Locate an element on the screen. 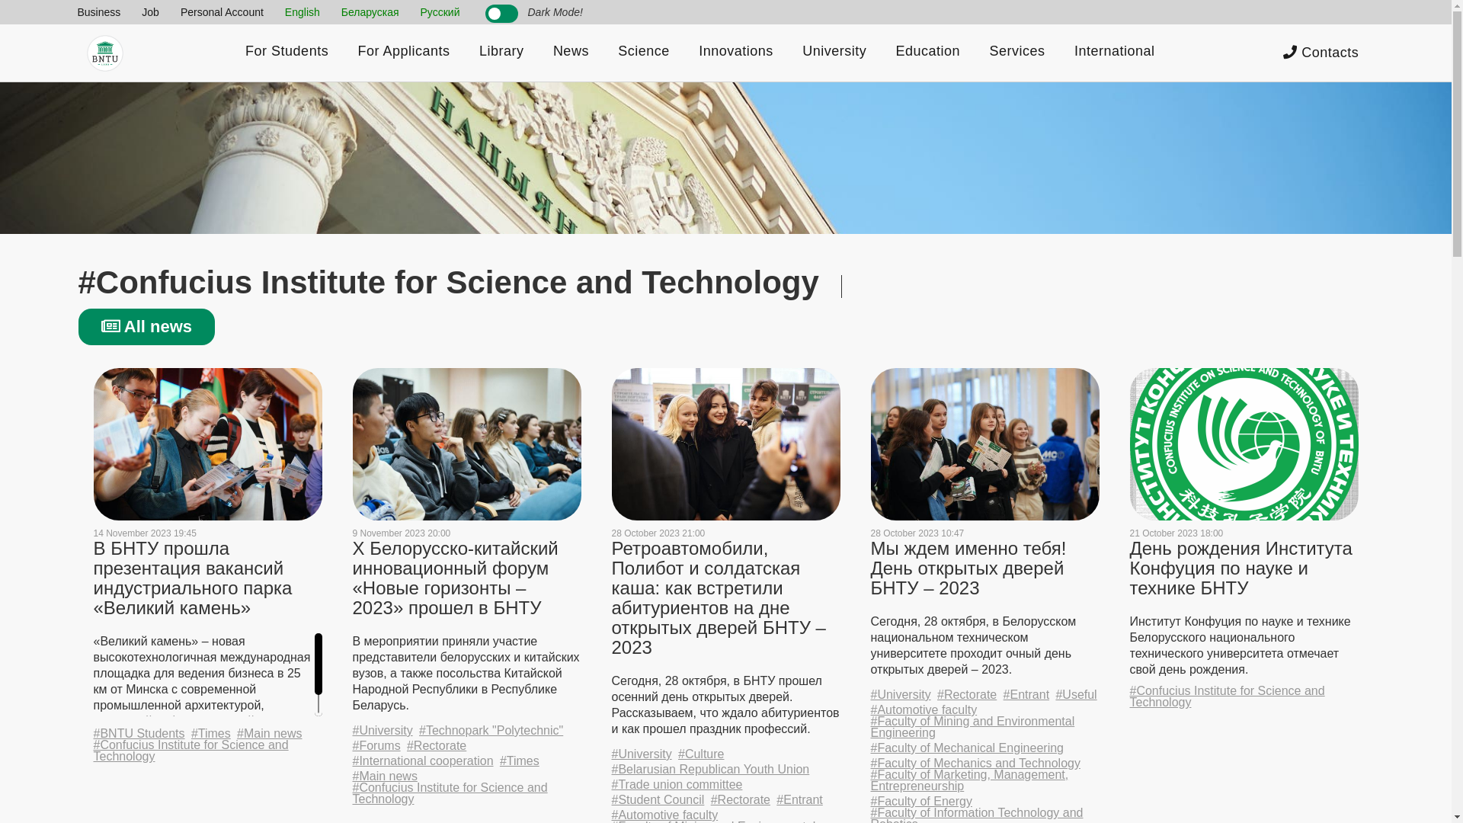 This screenshot has height=823, width=1463. 'News' is located at coordinates (570, 52).